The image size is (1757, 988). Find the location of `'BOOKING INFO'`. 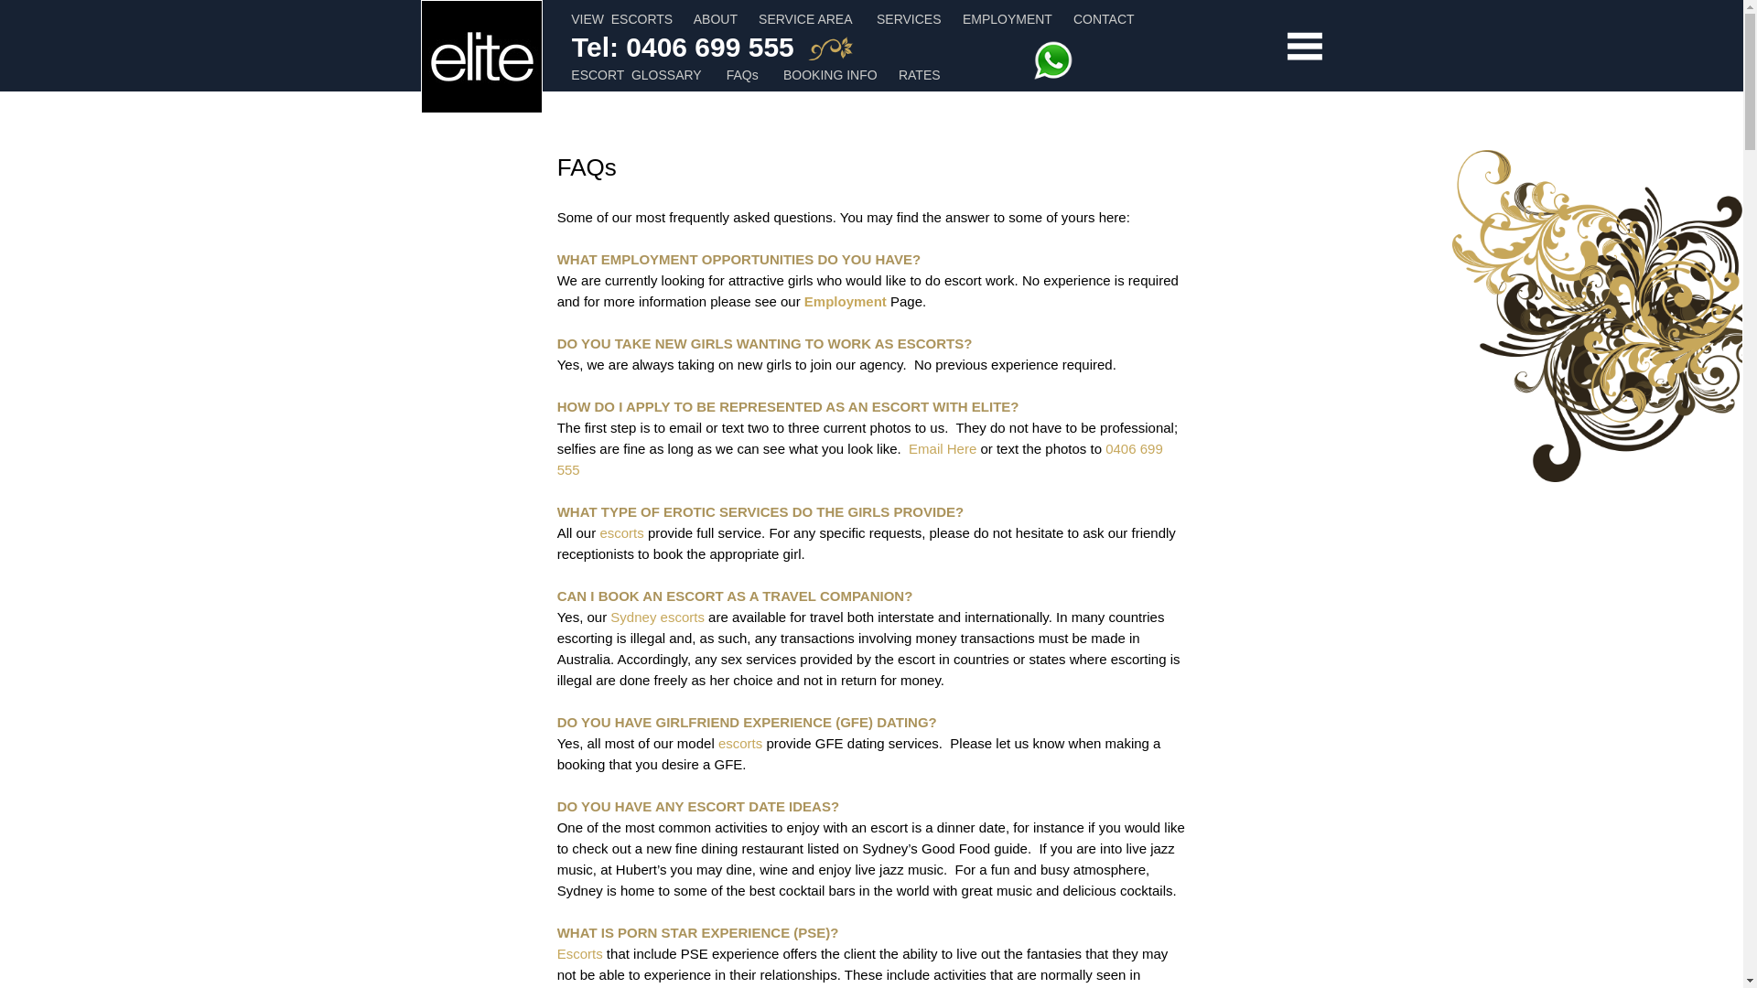

'BOOKING INFO' is located at coordinates (829, 73).